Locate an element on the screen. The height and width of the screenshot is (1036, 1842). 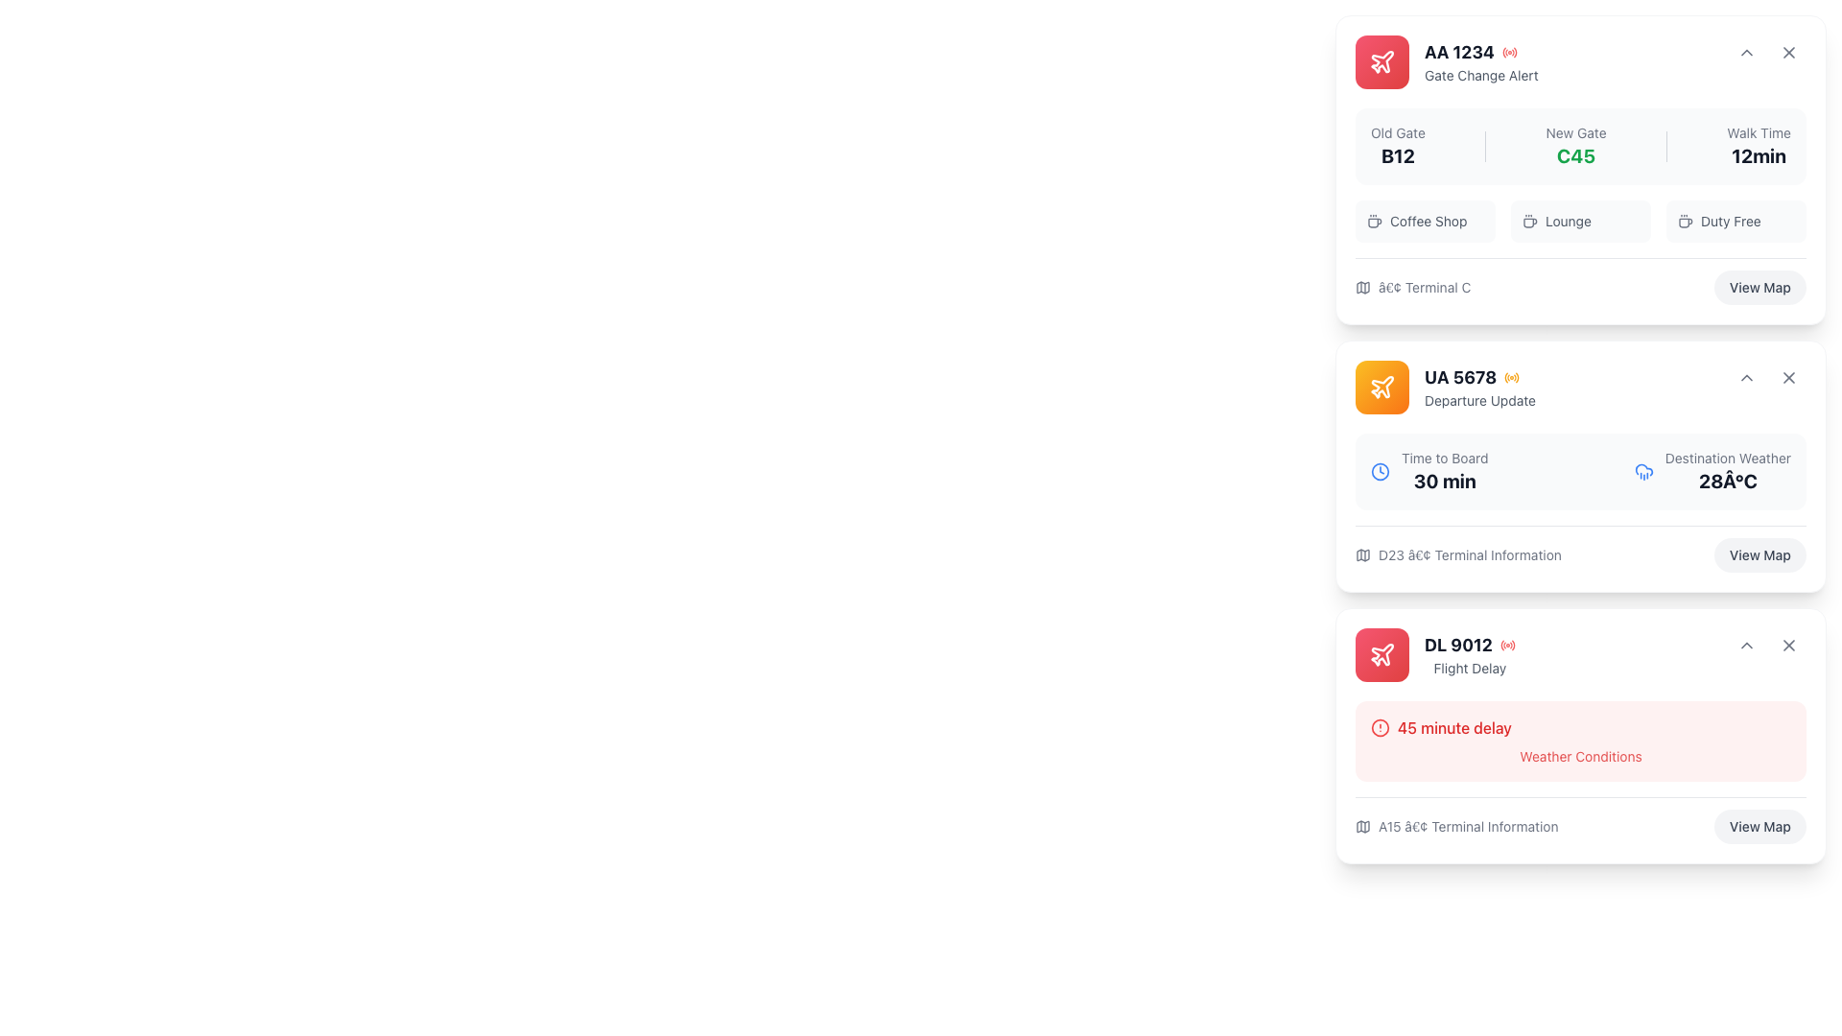
the 'Duty Free' label located in the top section of the card labeled 'AA 1234 - Gate Change Alert', which is the third item in a row of three options, positioned to the right of 'Lounge' and 'Coffee Shop' is located at coordinates (1736, 221).